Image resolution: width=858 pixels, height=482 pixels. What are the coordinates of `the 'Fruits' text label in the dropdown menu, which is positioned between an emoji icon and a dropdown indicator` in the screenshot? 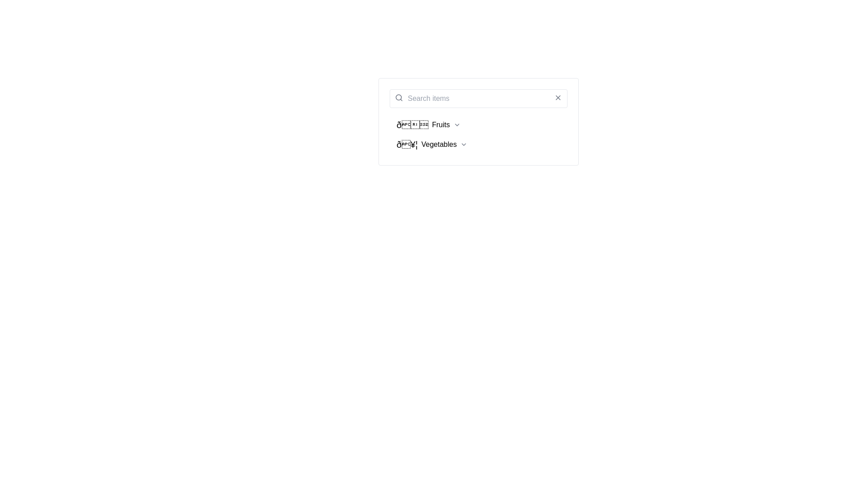 It's located at (441, 125).